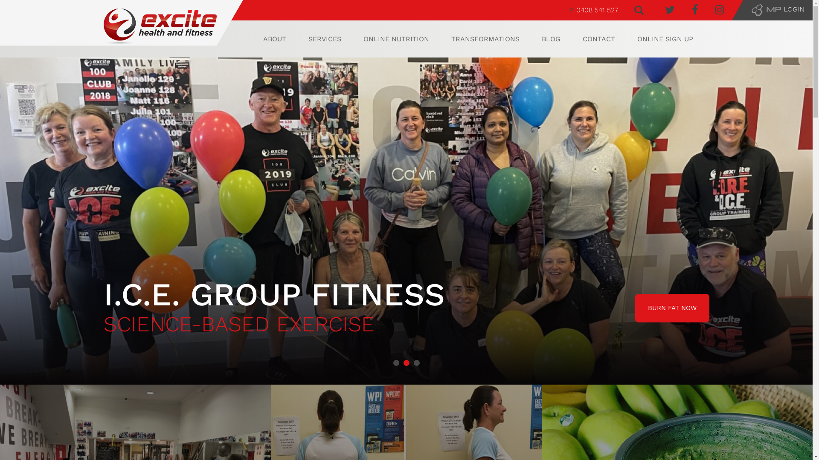 This screenshot has width=819, height=460. What do you see at coordinates (413, 363) in the screenshot?
I see `'3'` at bounding box center [413, 363].